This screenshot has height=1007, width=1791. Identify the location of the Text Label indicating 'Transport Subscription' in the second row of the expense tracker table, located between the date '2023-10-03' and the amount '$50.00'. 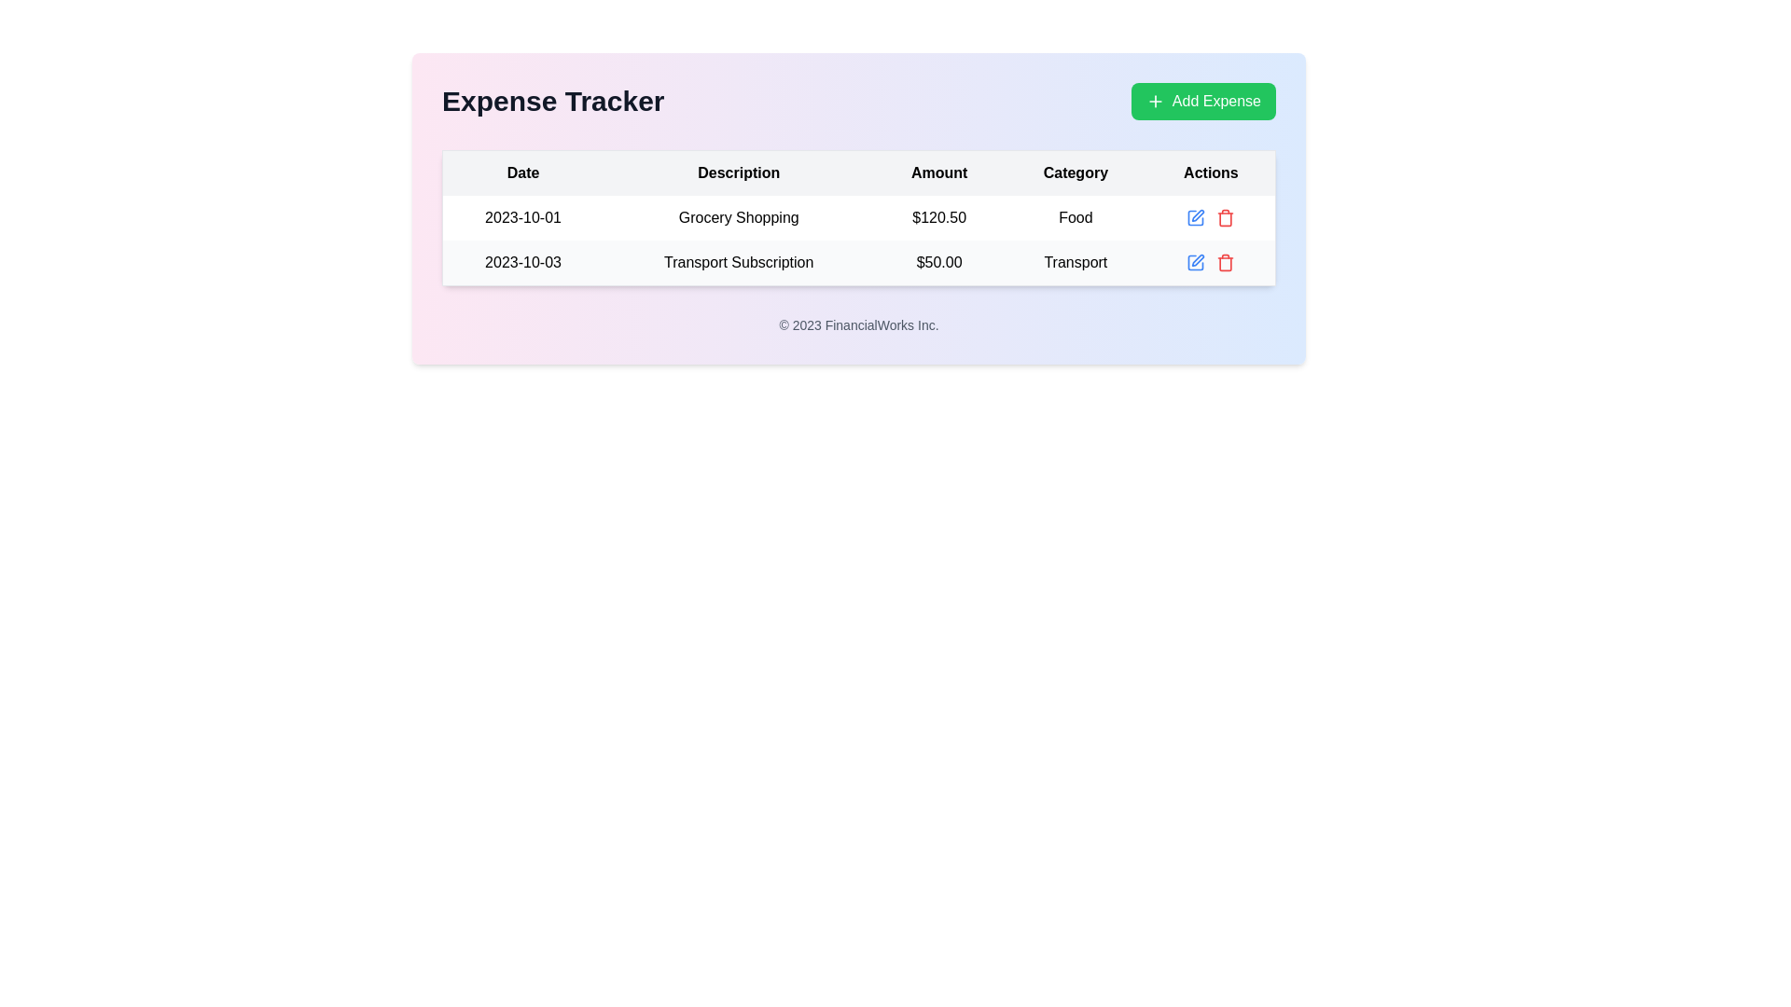
(738, 263).